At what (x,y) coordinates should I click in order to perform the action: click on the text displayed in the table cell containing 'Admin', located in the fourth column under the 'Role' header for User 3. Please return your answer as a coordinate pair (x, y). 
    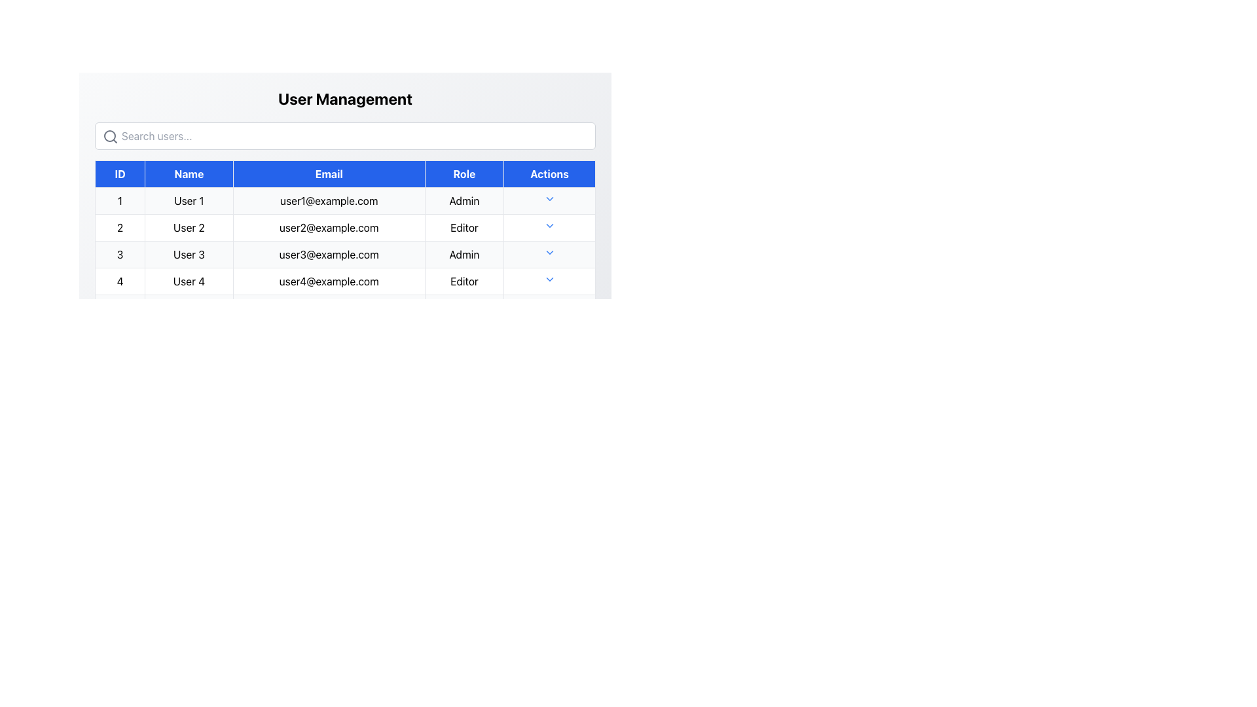
    Looking at the image, I should click on (464, 255).